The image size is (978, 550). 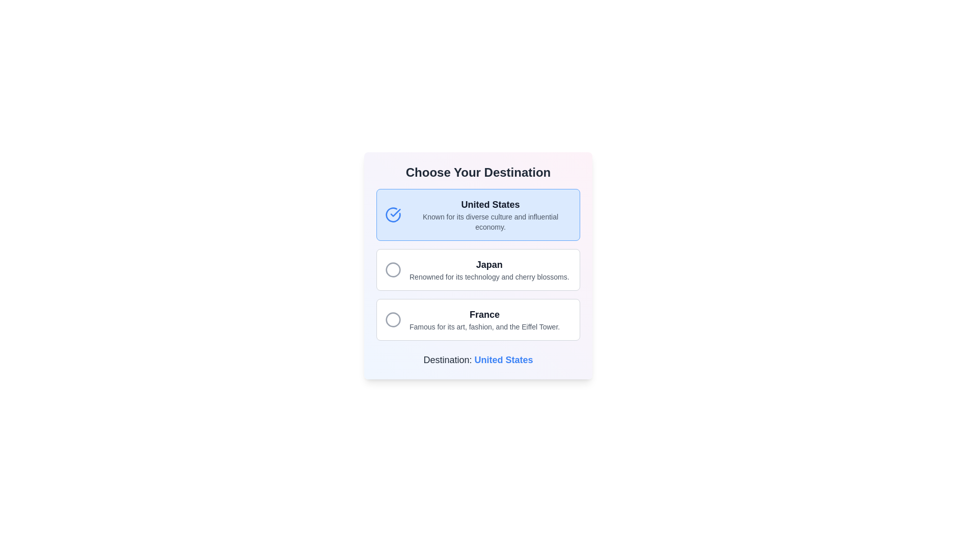 I want to click on the circular indicator located to the left of the text 'Japan' in the second option block of the selection list, so click(x=393, y=269).